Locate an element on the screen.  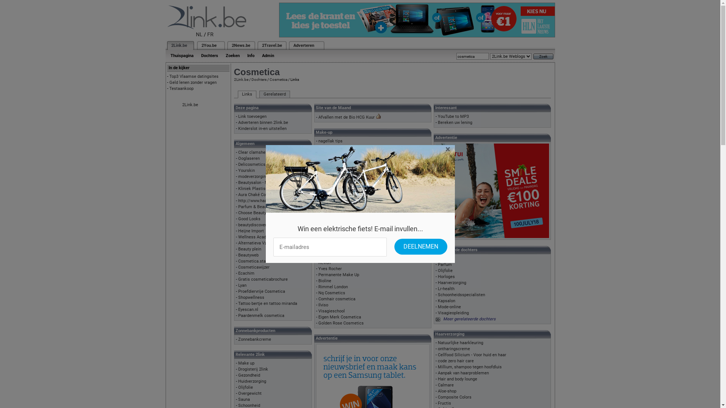
'Kinderslot in-en uitstellen' is located at coordinates (262, 128).